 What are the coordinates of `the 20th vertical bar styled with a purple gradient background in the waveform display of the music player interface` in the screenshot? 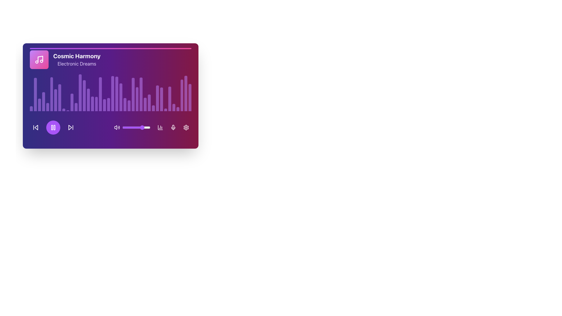 It's located at (109, 104).